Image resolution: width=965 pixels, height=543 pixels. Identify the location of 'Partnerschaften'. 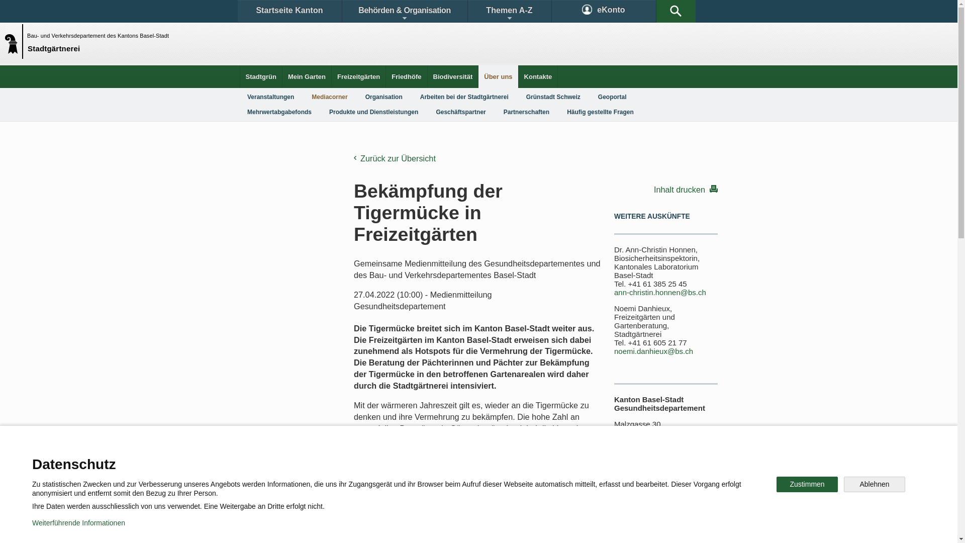
(526, 112).